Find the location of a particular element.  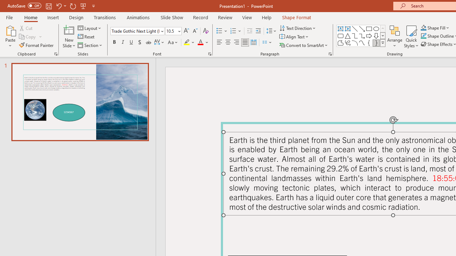

'Clear Formatting' is located at coordinates (205, 31).